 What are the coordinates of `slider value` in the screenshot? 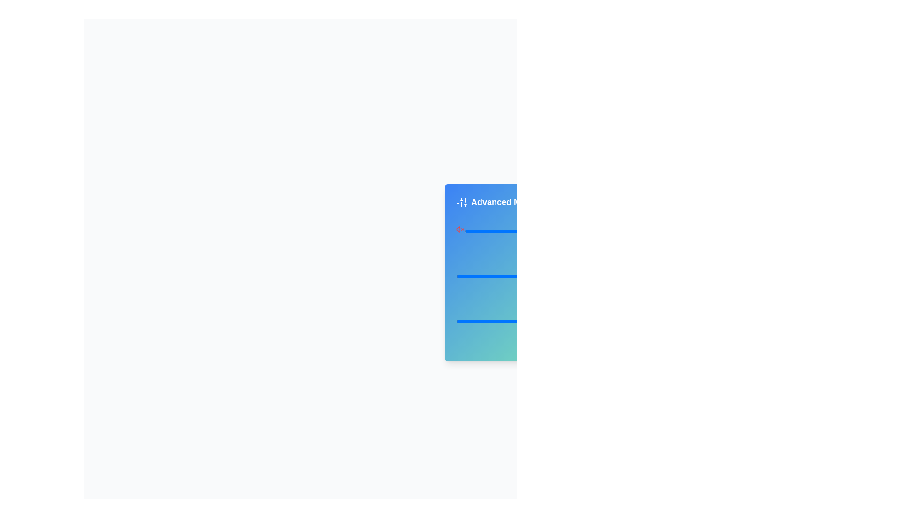 It's located at (489, 321).